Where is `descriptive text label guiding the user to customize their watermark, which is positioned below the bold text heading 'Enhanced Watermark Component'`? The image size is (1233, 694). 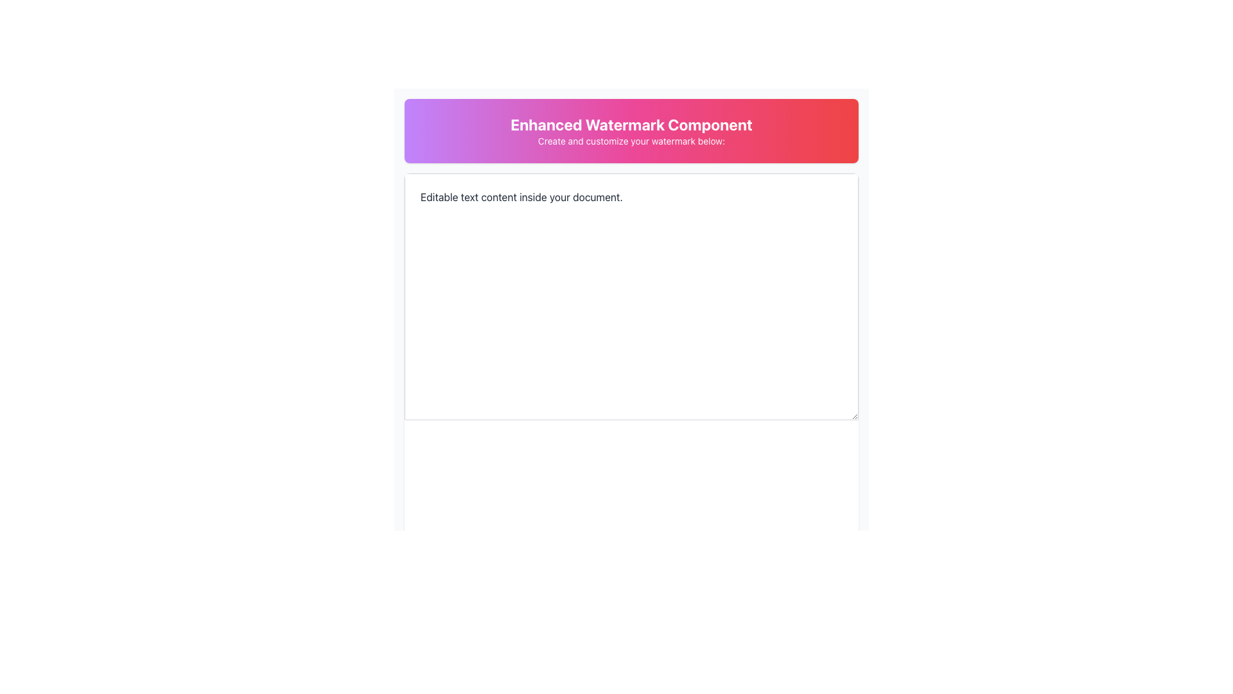
descriptive text label guiding the user to customize their watermark, which is positioned below the bold text heading 'Enhanced Watermark Component' is located at coordinates (631, 141).